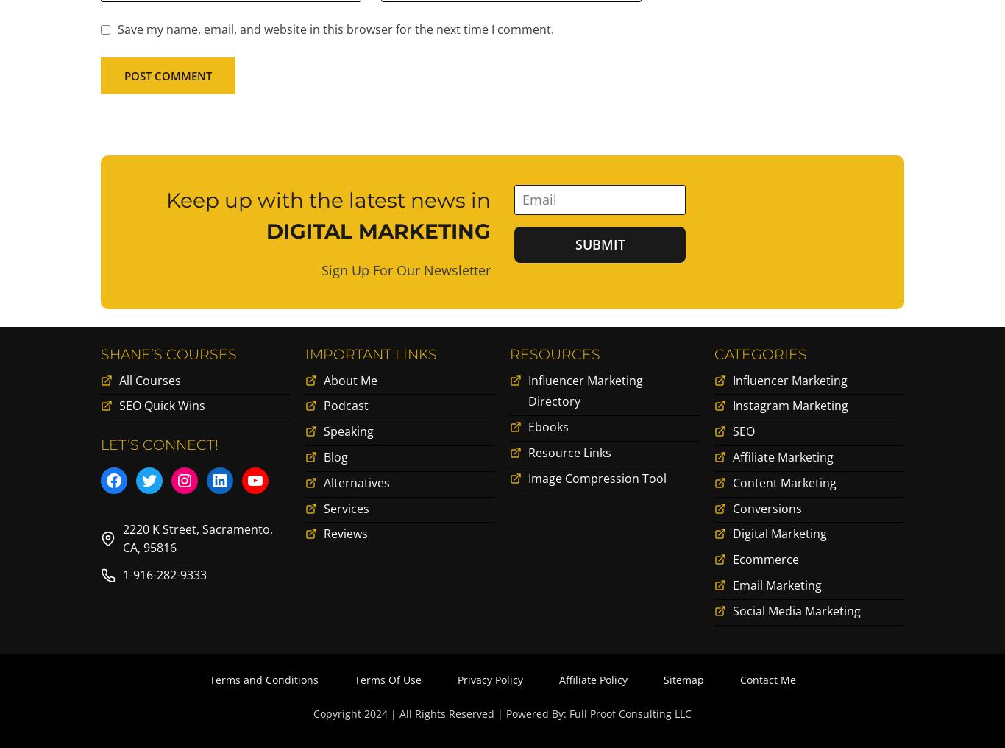 The height and width of the screenshot is (748, 1005). Describe the element at coordinates (334, 28) in the screenshot. I see `'Save my name, email, and website in this browser for the next time I comment.'` at that location.